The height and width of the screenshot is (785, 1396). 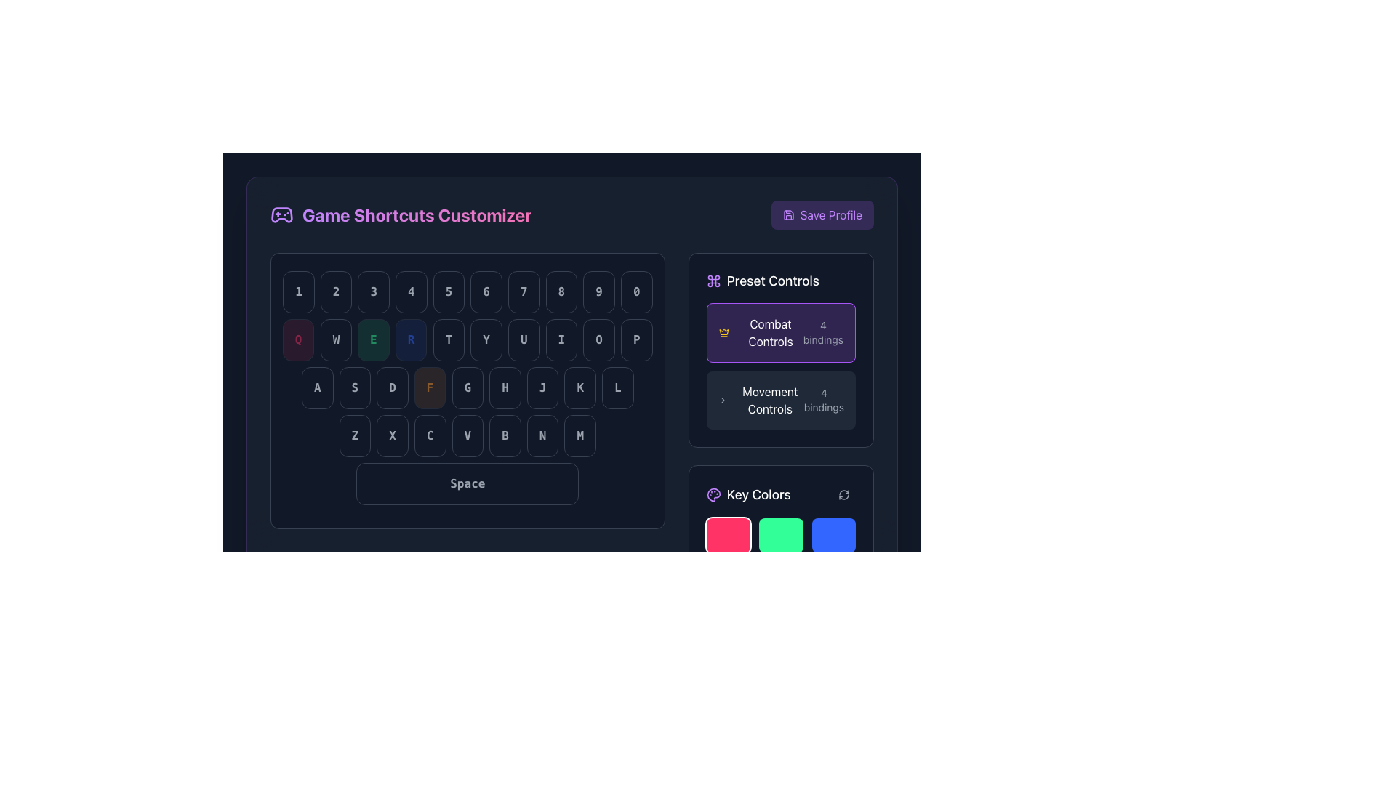 What do you see at coordinates (429, 435) in the screenshot?
I see `the rectangular button displaying the character 'C', which is part of the virtual keyboard's bottom-most row` at bounding box center [429, 435].